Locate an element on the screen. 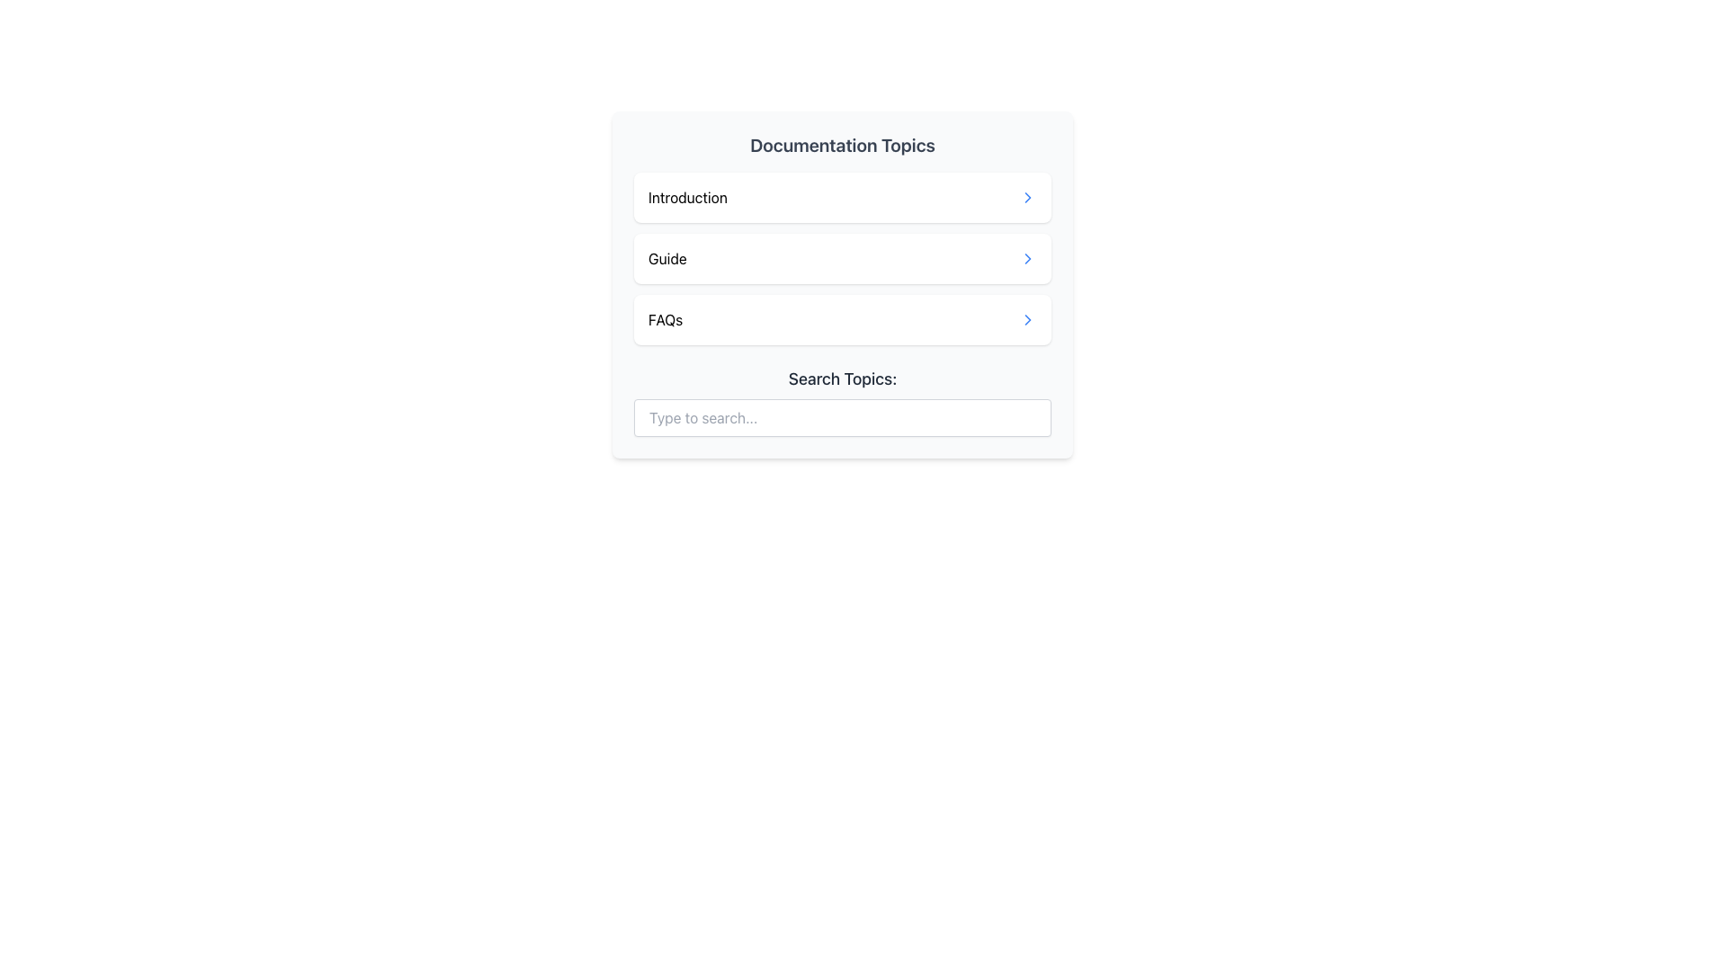 The width and height of the screenshot is (1727, 971). the 'Guide' text element in the 'Documentation Topics' list, which is located below 'Introduction' and above 'FAQs' is located at coordinates (667, 259).